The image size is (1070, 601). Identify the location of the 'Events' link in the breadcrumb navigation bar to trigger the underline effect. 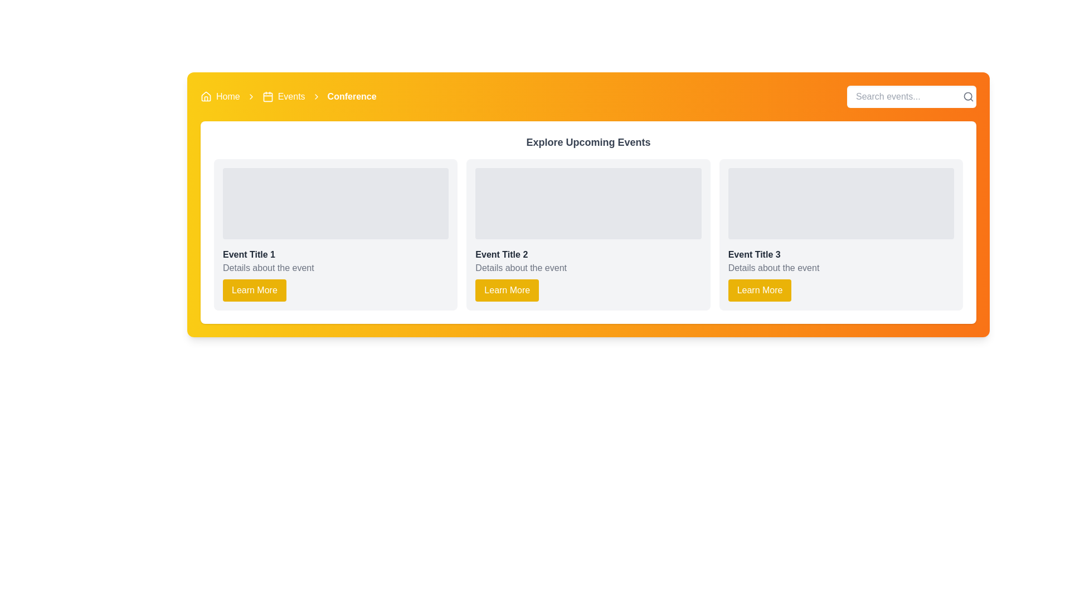
(291, 96).